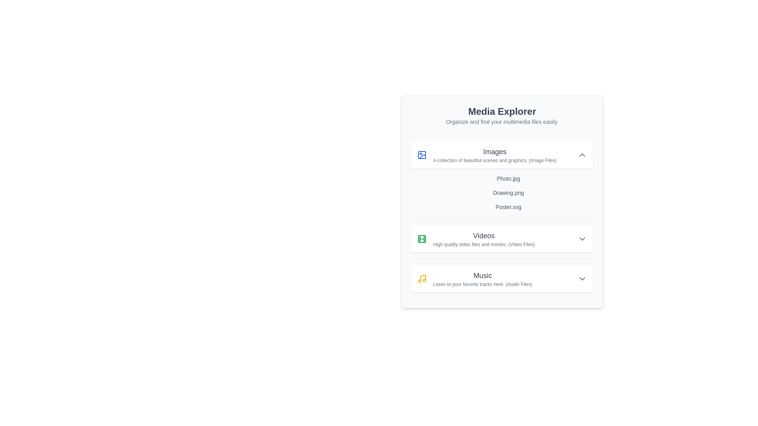 The image size is (758, 426). What do you see at coordinates (422, 238) in the screenshot?
I see `the green rectangular SVG icon that is part of the filmstrip representation adjacent to the 'Videos' section in the media explorer interface` at bounding box center [422, 238].